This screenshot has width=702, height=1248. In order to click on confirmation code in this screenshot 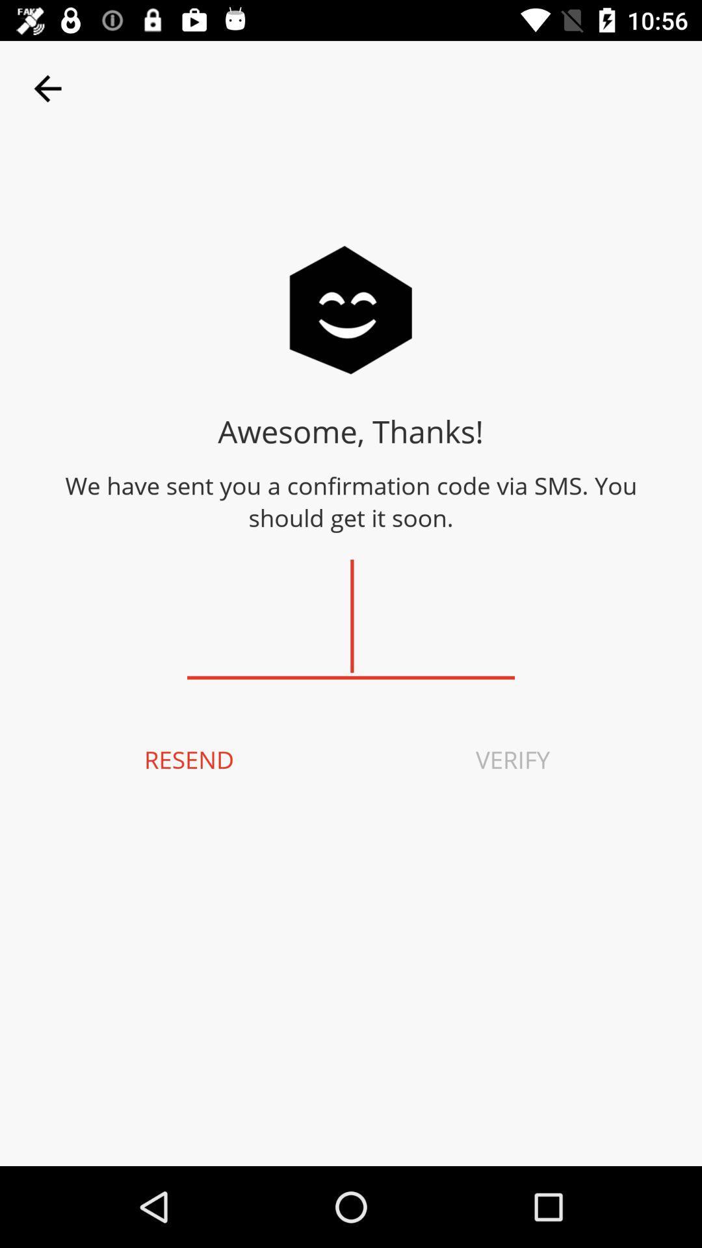, I will do `click(351, 616)`.